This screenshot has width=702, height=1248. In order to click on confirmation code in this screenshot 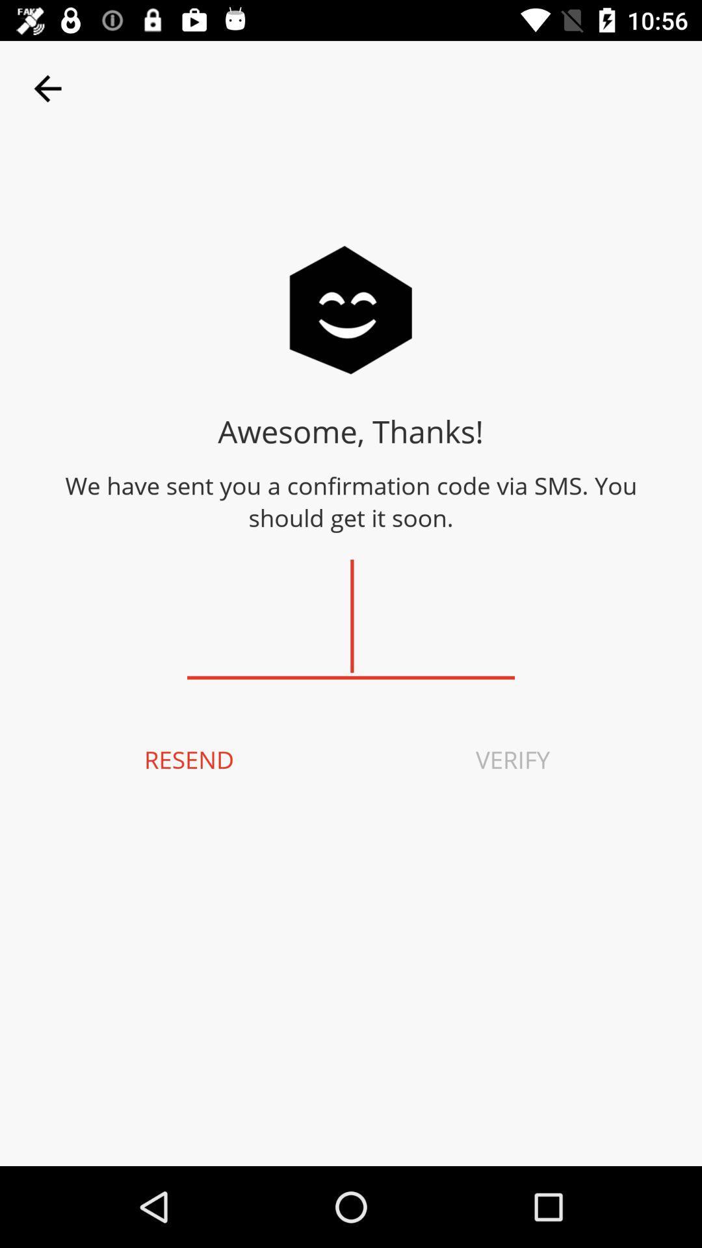, I will do `click(351, 616)`.